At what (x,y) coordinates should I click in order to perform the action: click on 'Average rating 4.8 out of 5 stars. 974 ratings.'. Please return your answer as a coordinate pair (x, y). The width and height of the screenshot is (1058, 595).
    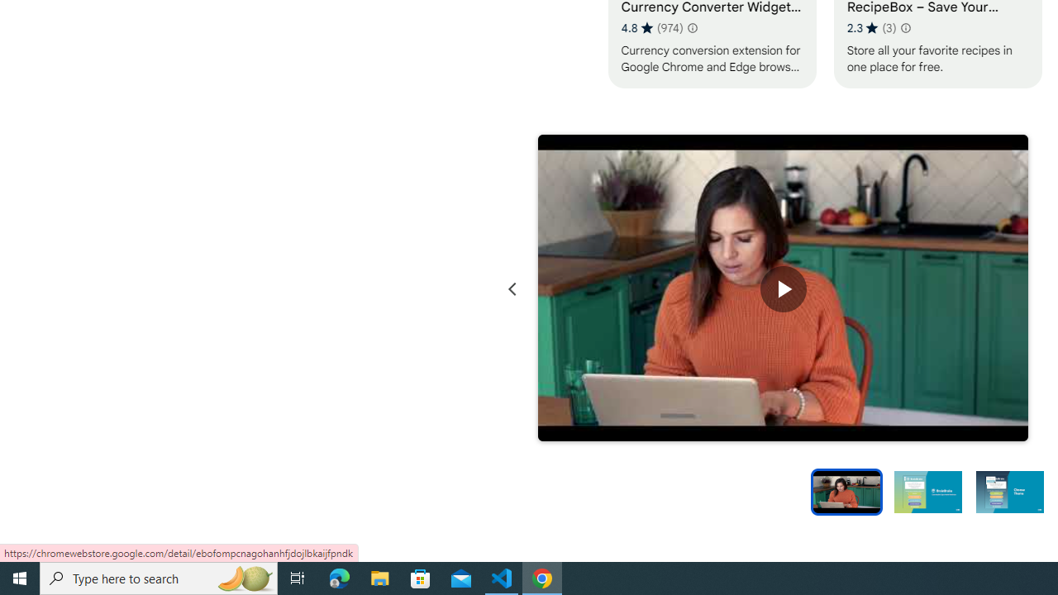
    Looking at the image, I should click on (651, 27).